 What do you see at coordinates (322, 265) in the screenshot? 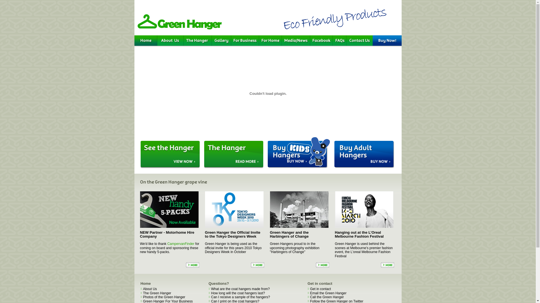
I see `'More'` at bounding box center [322, 265].